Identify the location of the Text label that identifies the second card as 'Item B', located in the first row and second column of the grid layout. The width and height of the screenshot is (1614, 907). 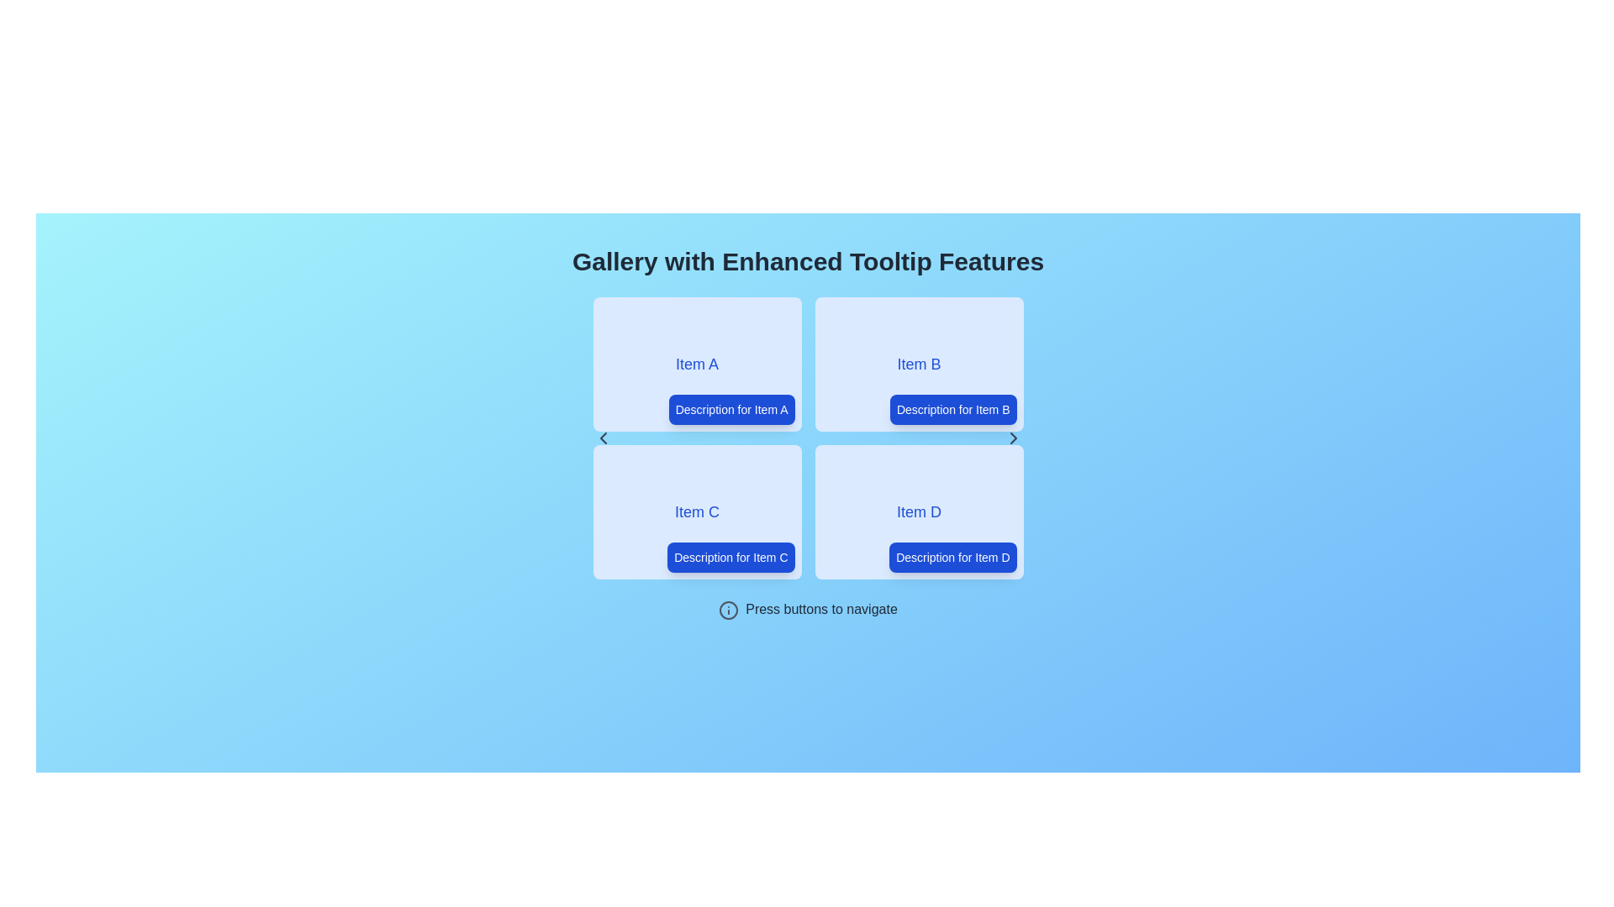
(918, 364).